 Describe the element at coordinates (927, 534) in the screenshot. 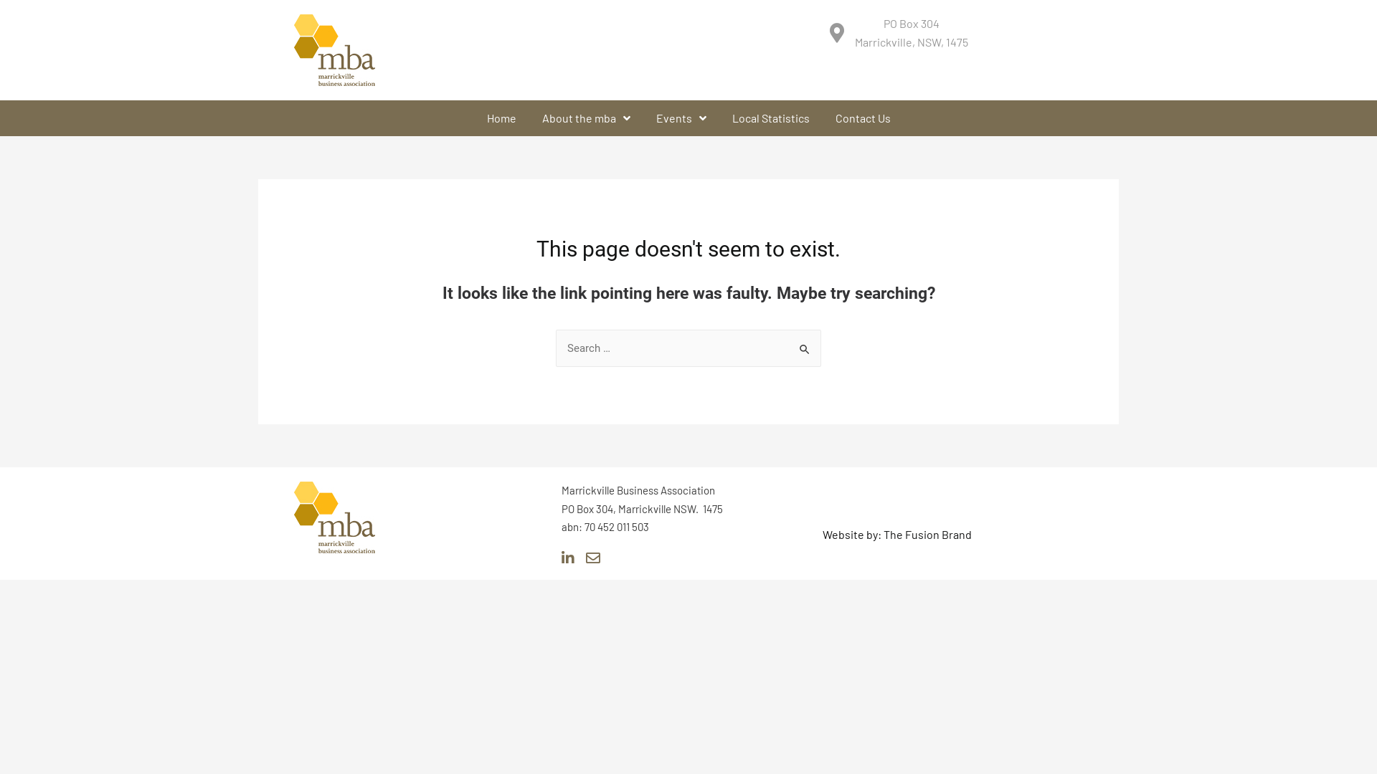

I see `'The Fusion Brand'` at that location.